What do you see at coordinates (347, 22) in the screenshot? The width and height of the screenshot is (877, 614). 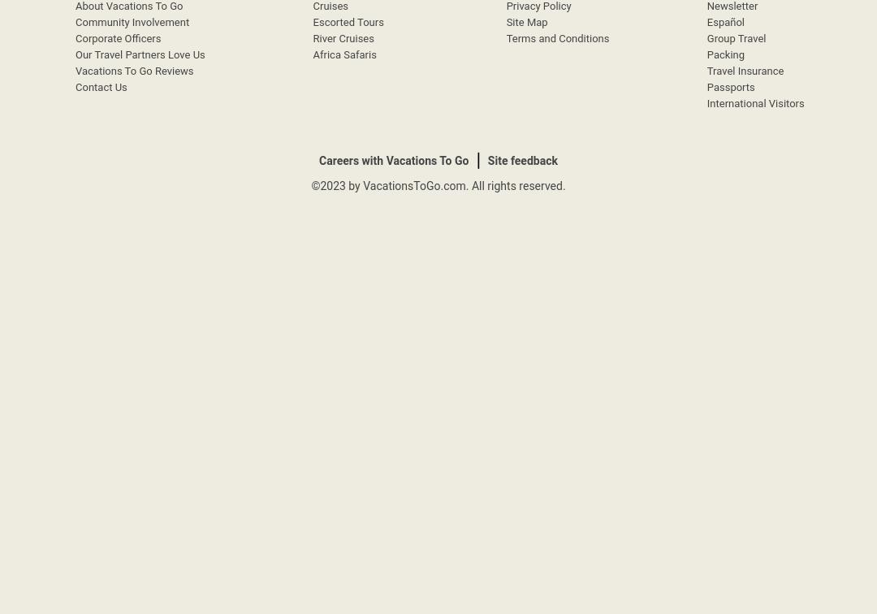 I see `'Escorted Tours'` at bounding box center [347, 22].